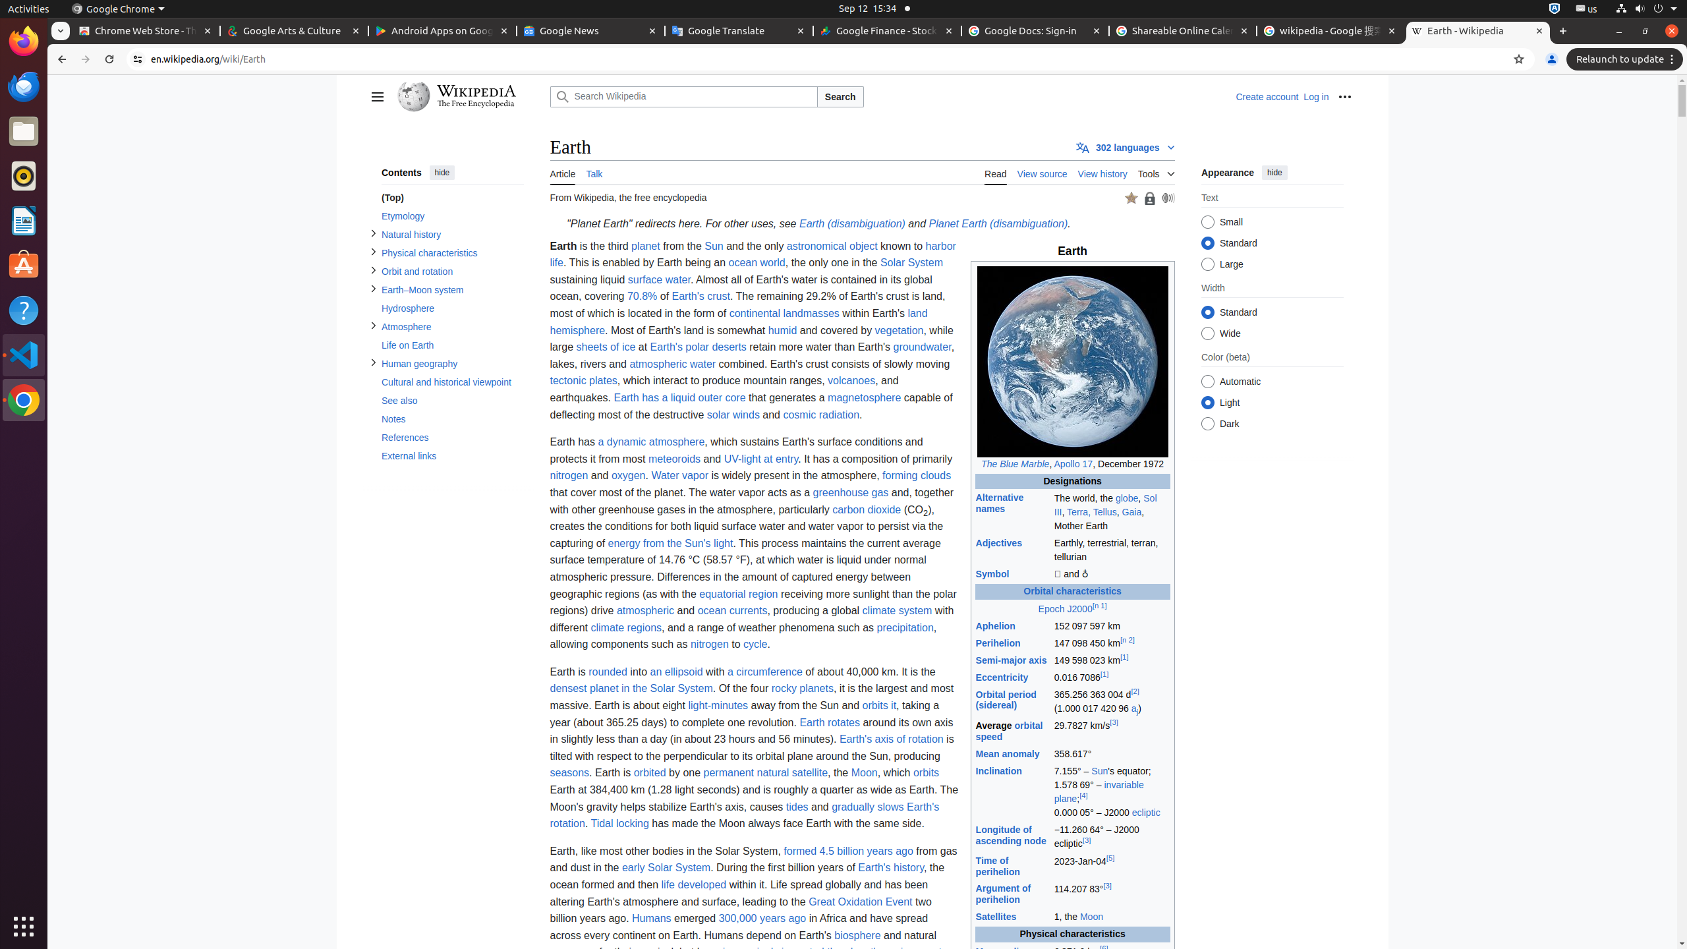 Image resolution: width=1687 pixels, height=949 pixels. Describe the element at coordinates (1112, 917) in the screenshot. I see `'1, the Moon'` at that location.